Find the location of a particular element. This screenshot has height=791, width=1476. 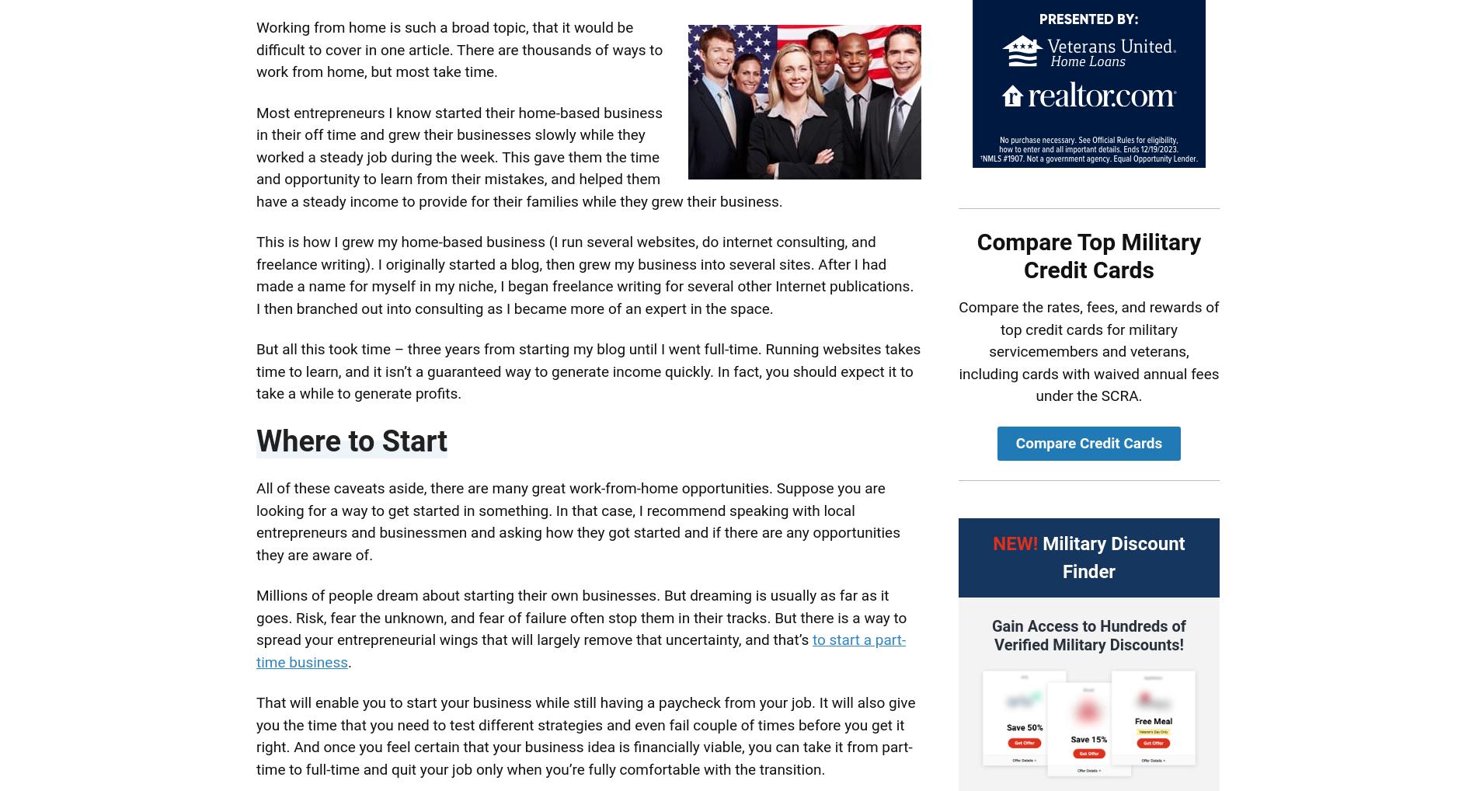

'NEW!' is located at coordinates (1015, 542).